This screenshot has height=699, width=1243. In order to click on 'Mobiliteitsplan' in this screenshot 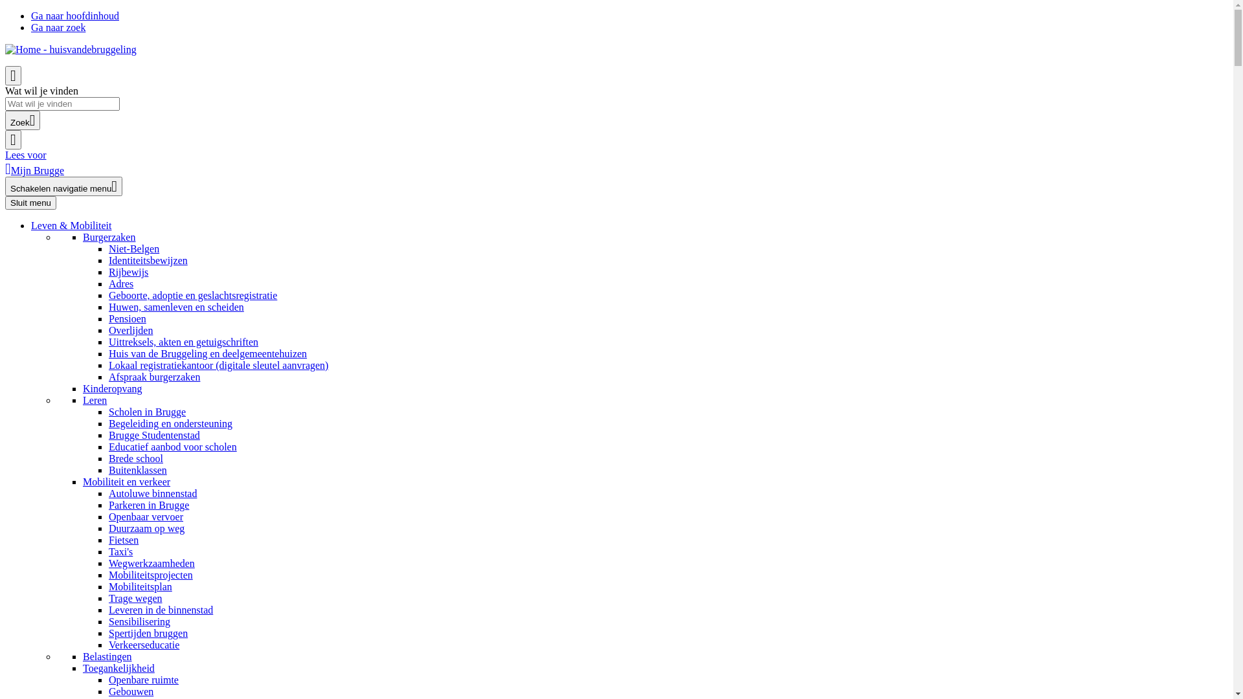, I will do `click(140, 586)`.